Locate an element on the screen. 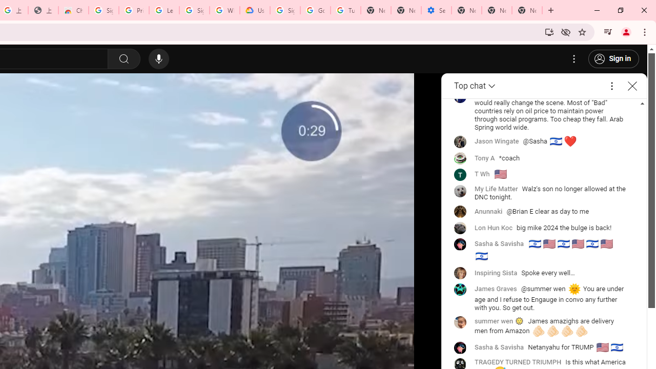 The height and width of the screenshot is (369, 656). 'Google Account Help' is located at coordinates (315, 10).